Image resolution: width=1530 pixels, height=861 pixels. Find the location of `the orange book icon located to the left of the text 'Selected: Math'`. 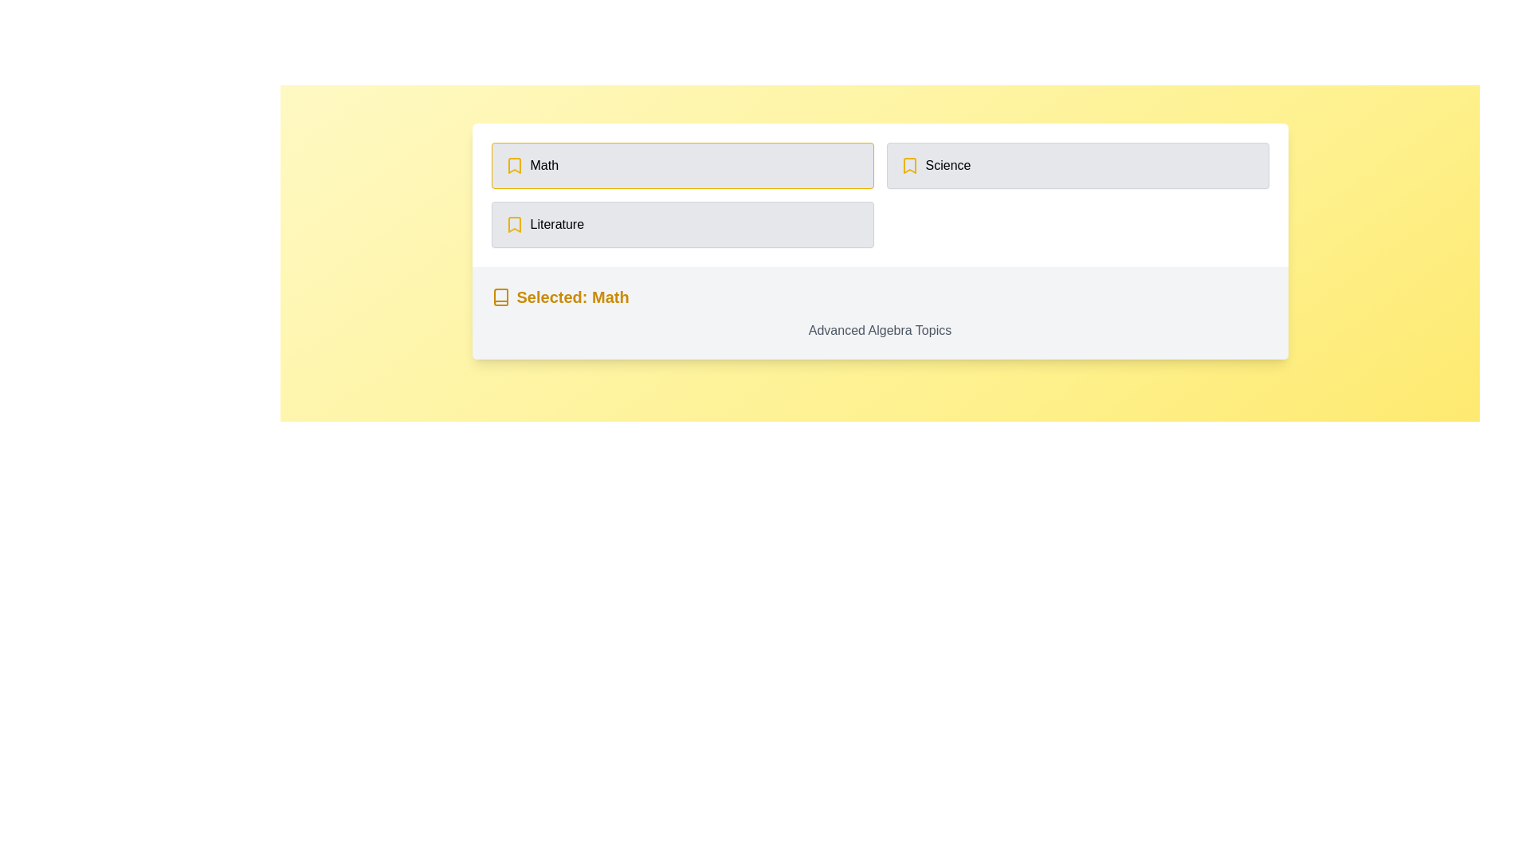

the orange book icon located to the left of the text 'Selected: Math' is located at coordinates (500, 297).